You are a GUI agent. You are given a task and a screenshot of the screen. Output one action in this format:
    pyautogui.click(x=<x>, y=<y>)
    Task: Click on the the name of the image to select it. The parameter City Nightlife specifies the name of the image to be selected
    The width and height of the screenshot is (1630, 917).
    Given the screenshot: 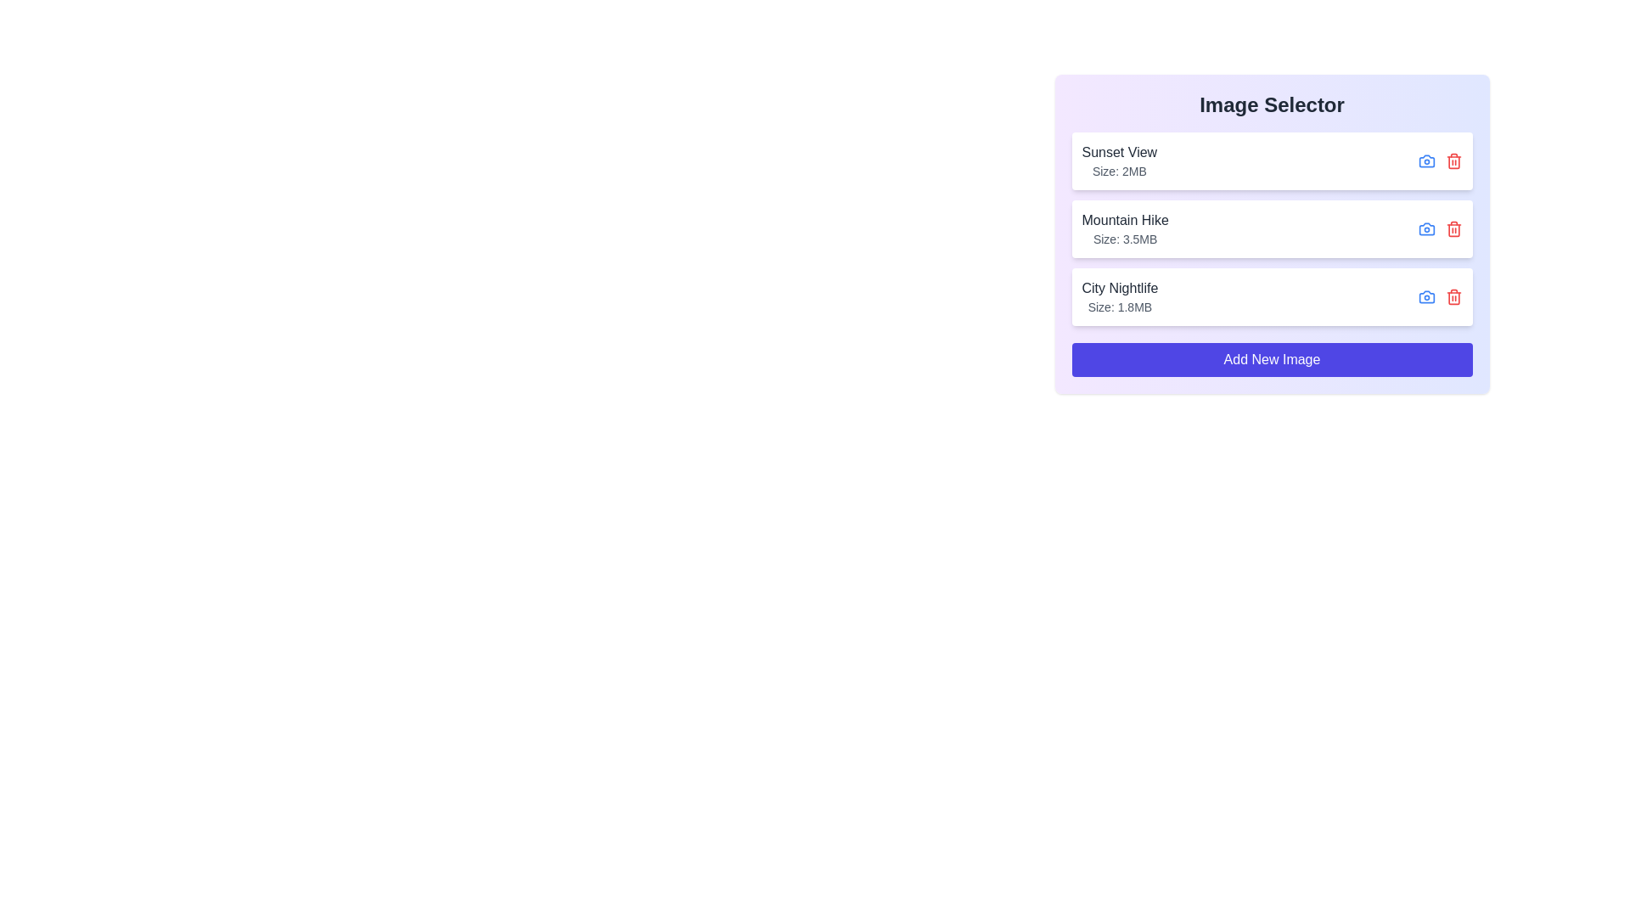 What is the action you would take?
    pyautogui.click(x=1120, y=287)
    